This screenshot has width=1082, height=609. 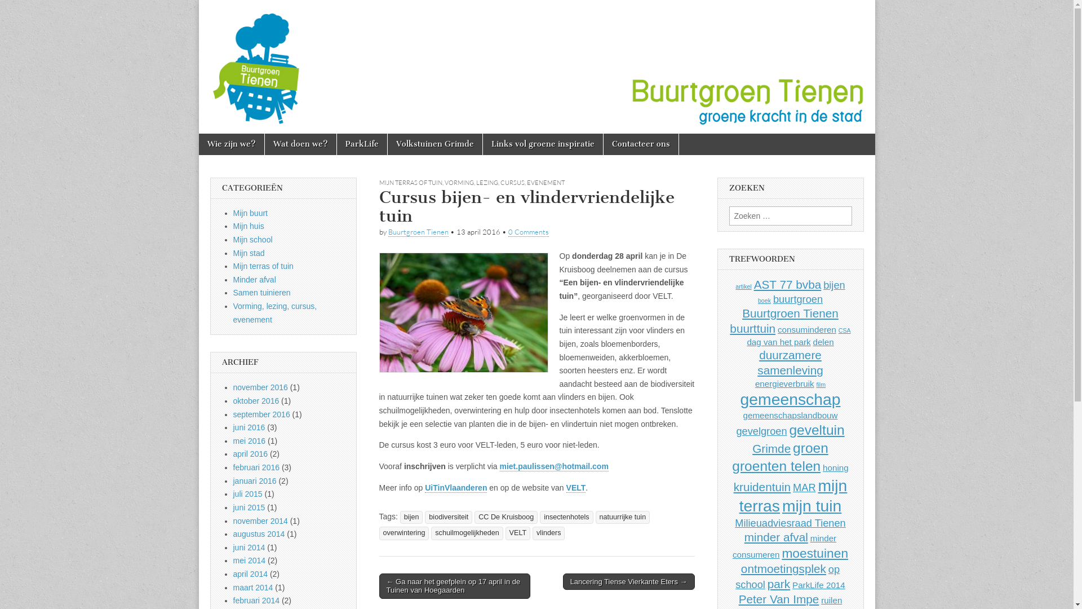 What do you see at coordinates (227, 139) in the screenshot?
I see `'Skip to content'` at bounding box center [227, 139].